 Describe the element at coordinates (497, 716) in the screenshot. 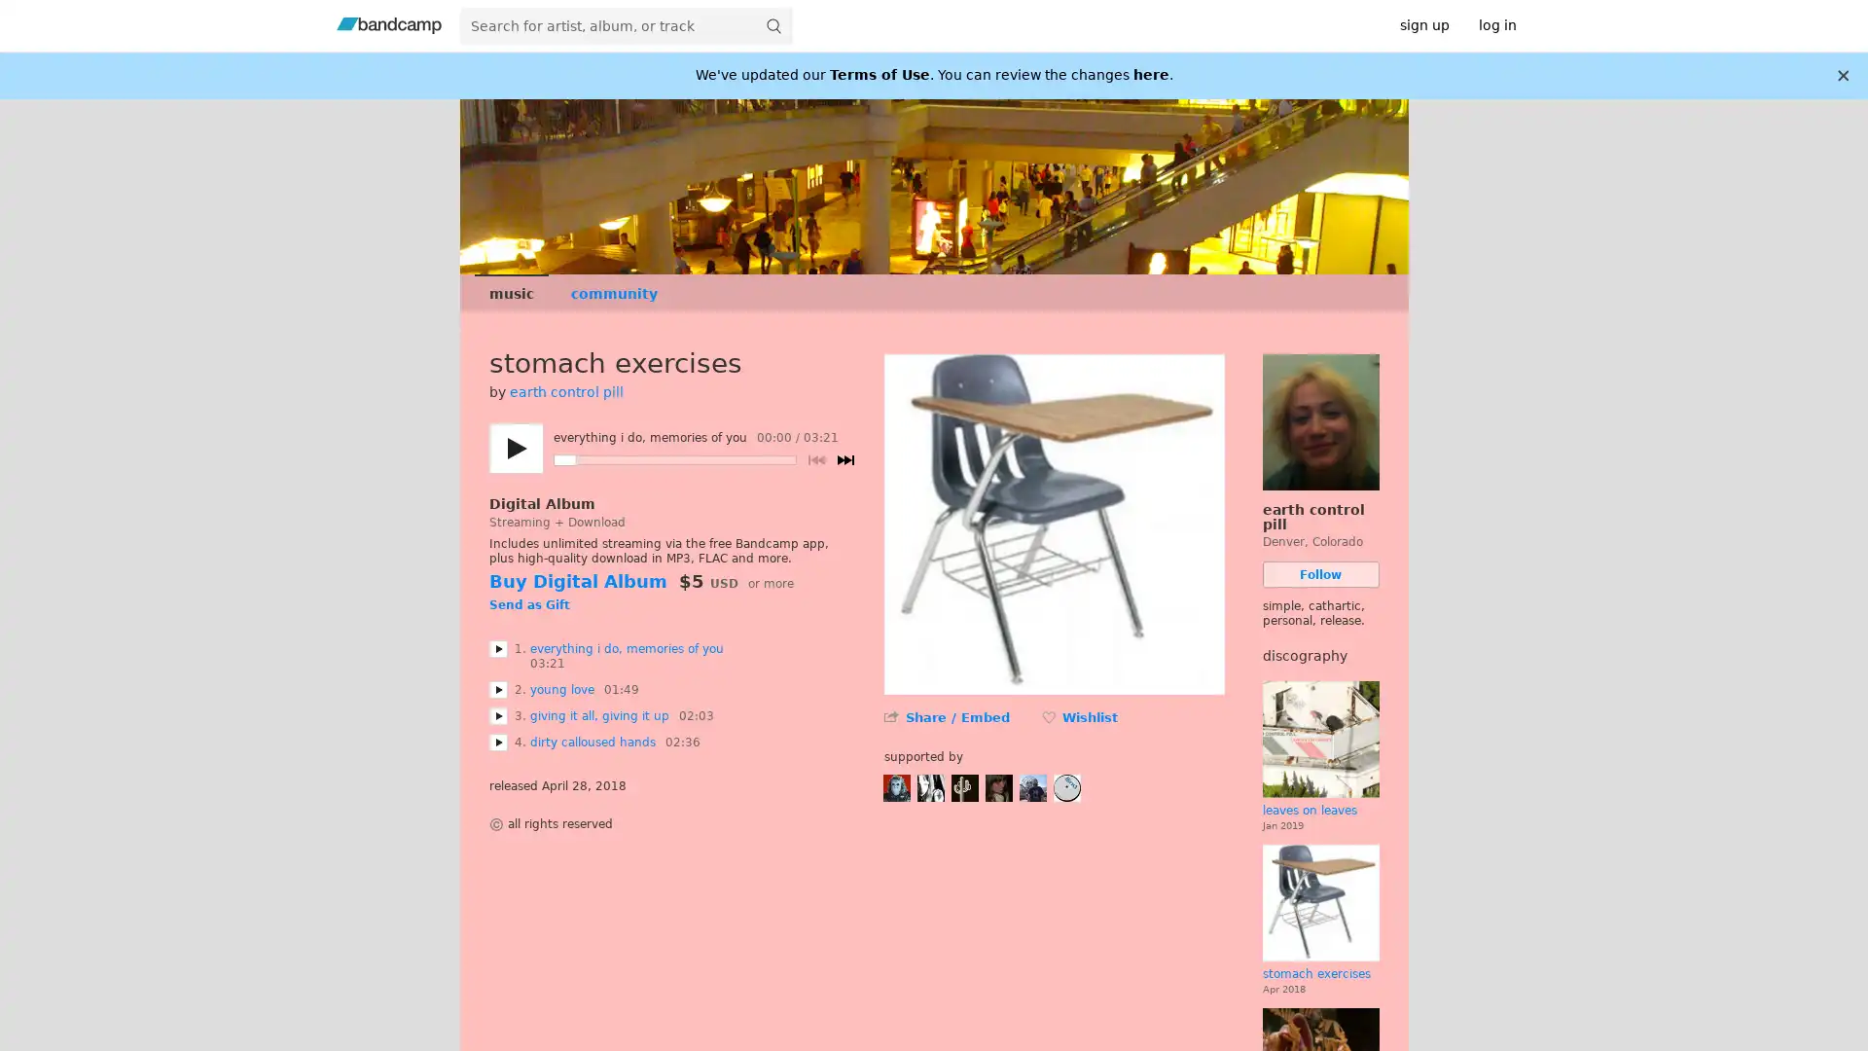

I see `Play giving it all, giving it up` at that location.